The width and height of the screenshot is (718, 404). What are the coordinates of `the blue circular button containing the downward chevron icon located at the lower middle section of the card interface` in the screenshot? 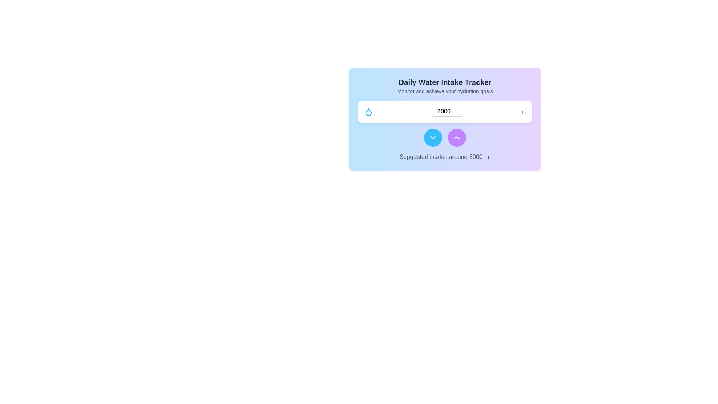 It's located at (433, 137).